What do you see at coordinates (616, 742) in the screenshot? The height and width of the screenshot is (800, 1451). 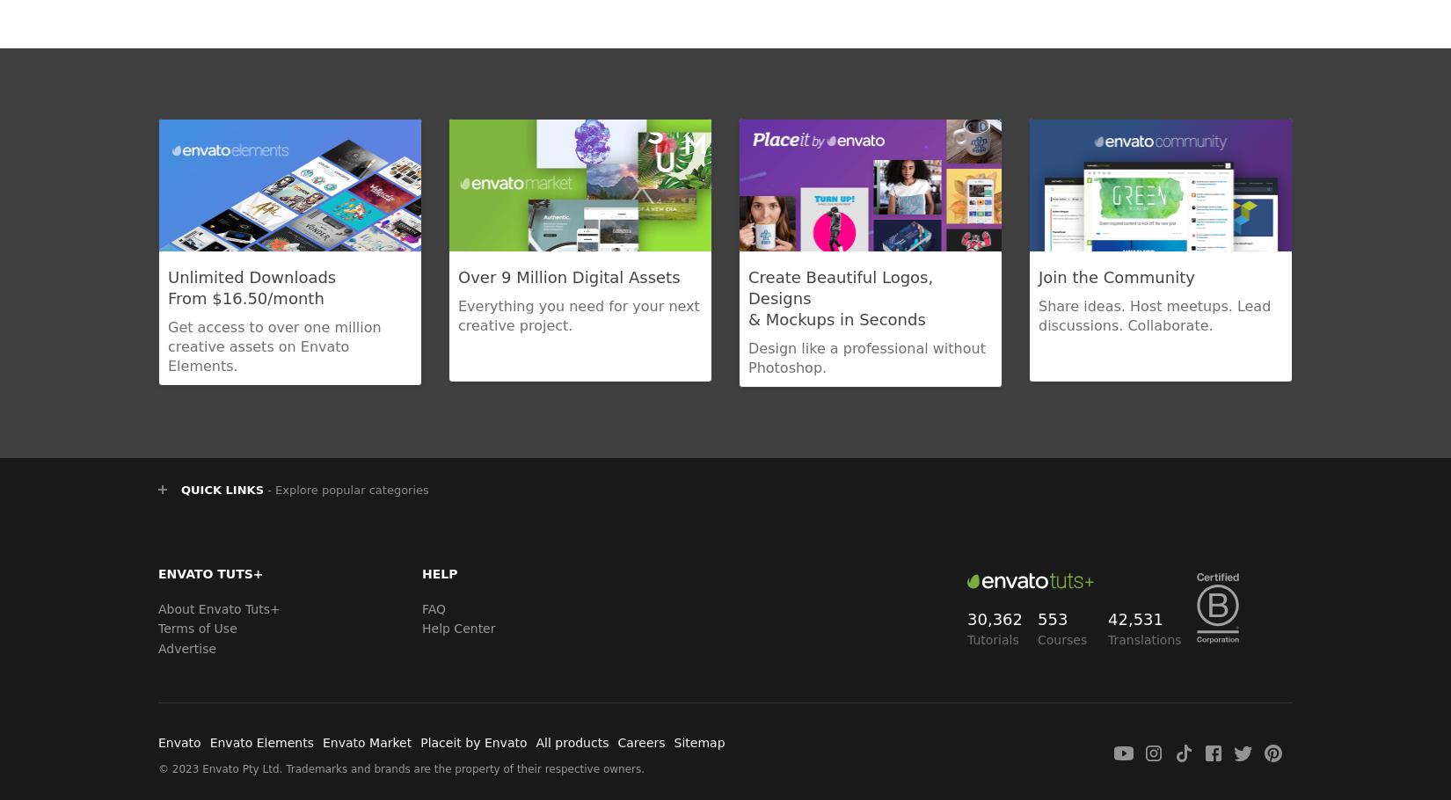 I see `'Careers'` at bounding box center [616, 742].